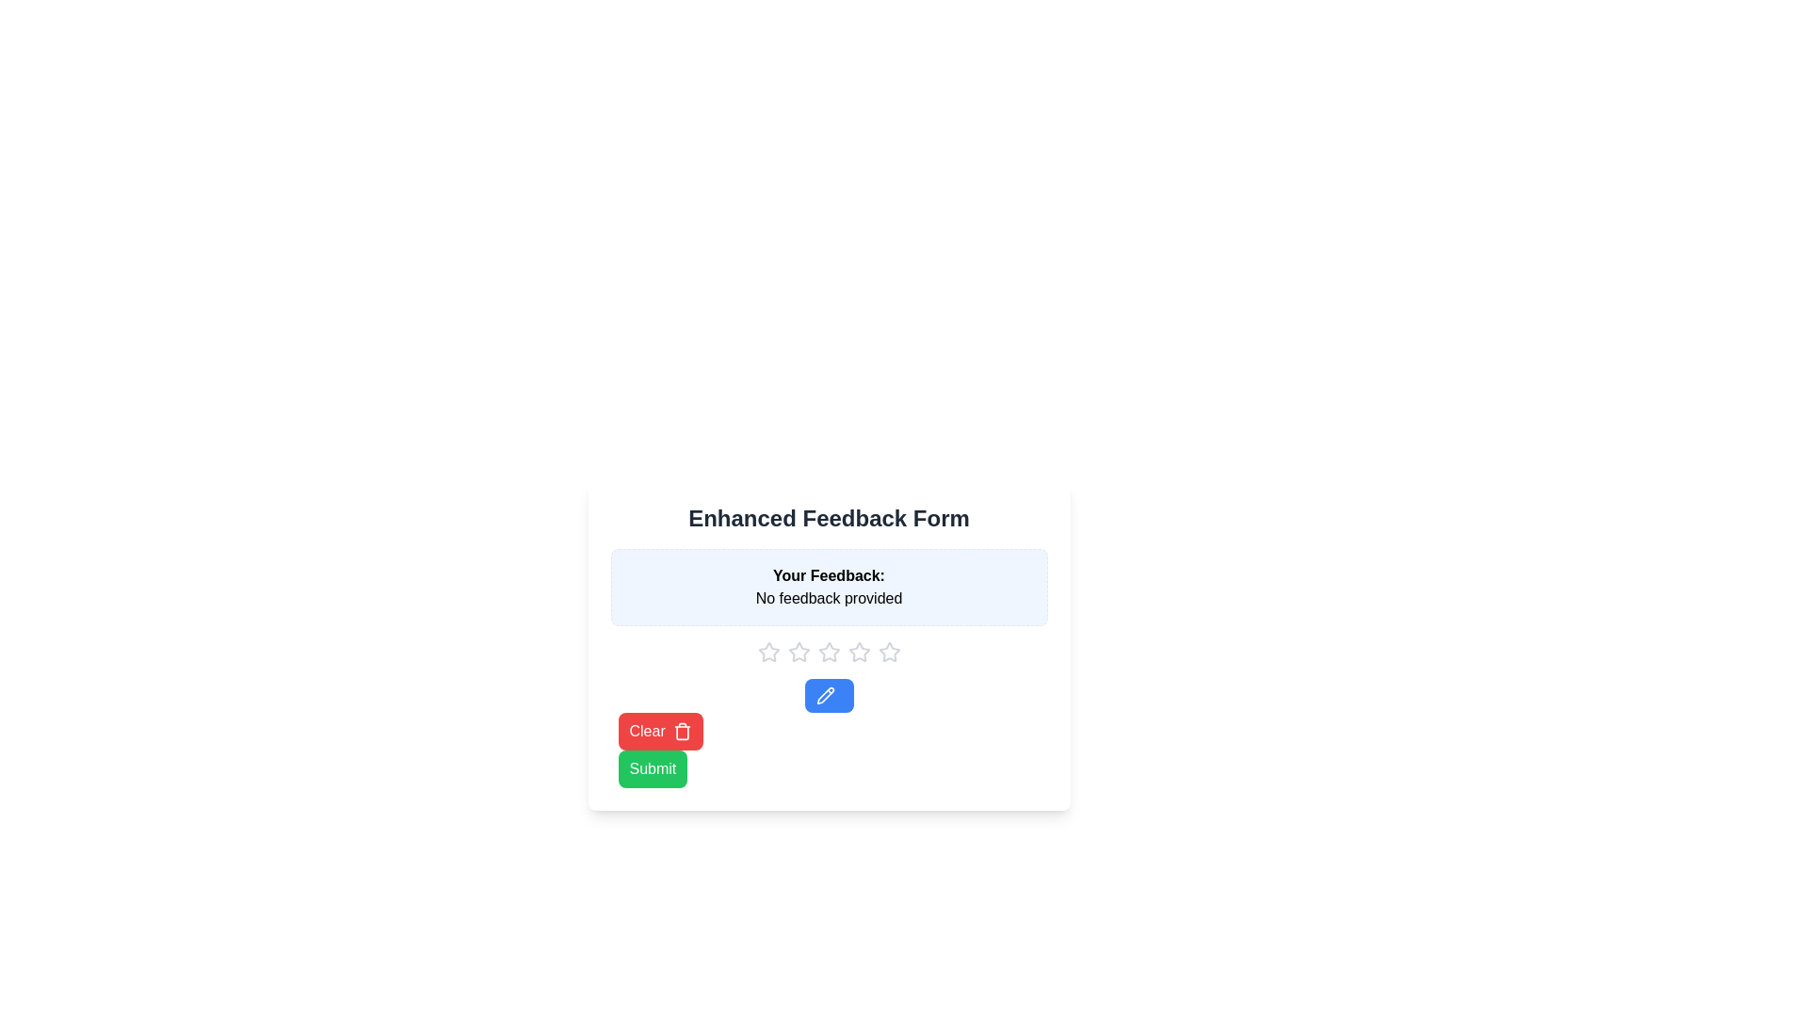 The image size is (1808, 1017). I want to click on the edit button icon located in the lower middle part of the feedback form, so click(825, 696).